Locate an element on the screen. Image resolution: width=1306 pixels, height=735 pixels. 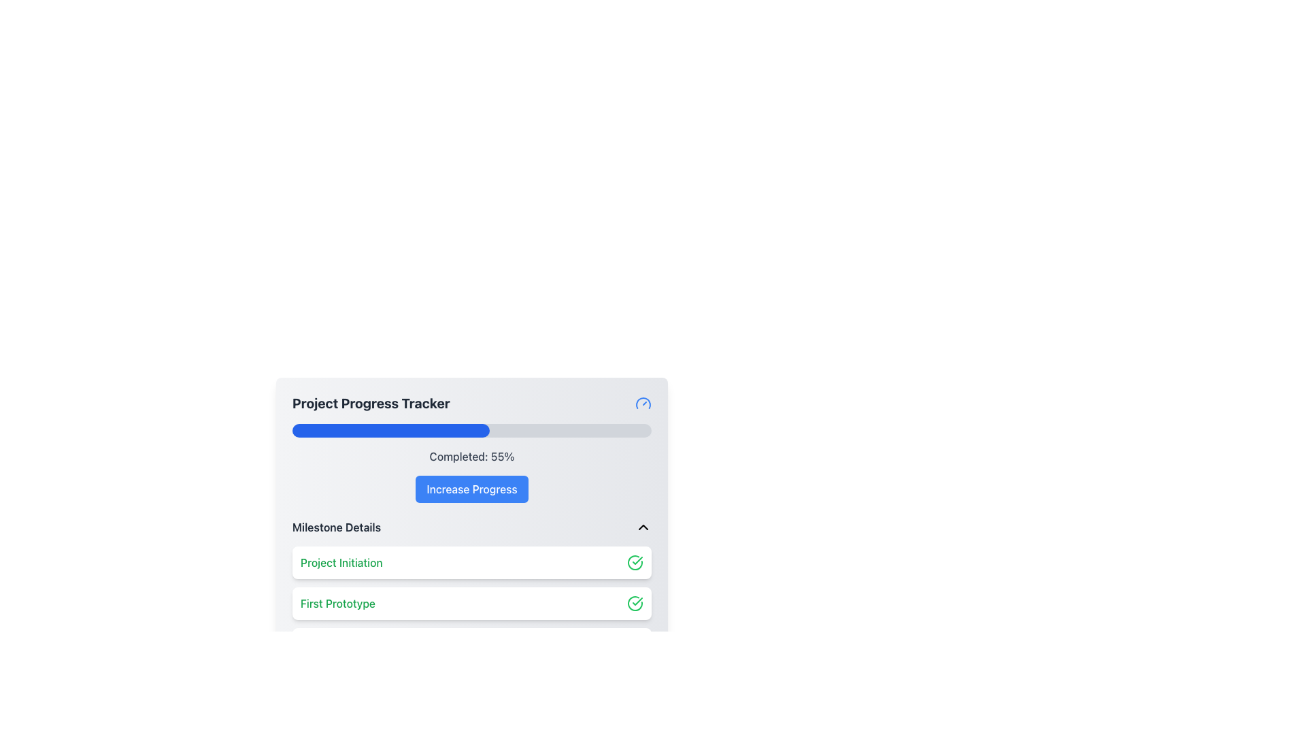
the completion icon for the 'First Prototype' milestone, located to the far right of the row labeled 'First Prototype' is located at coordinates (635, 603).